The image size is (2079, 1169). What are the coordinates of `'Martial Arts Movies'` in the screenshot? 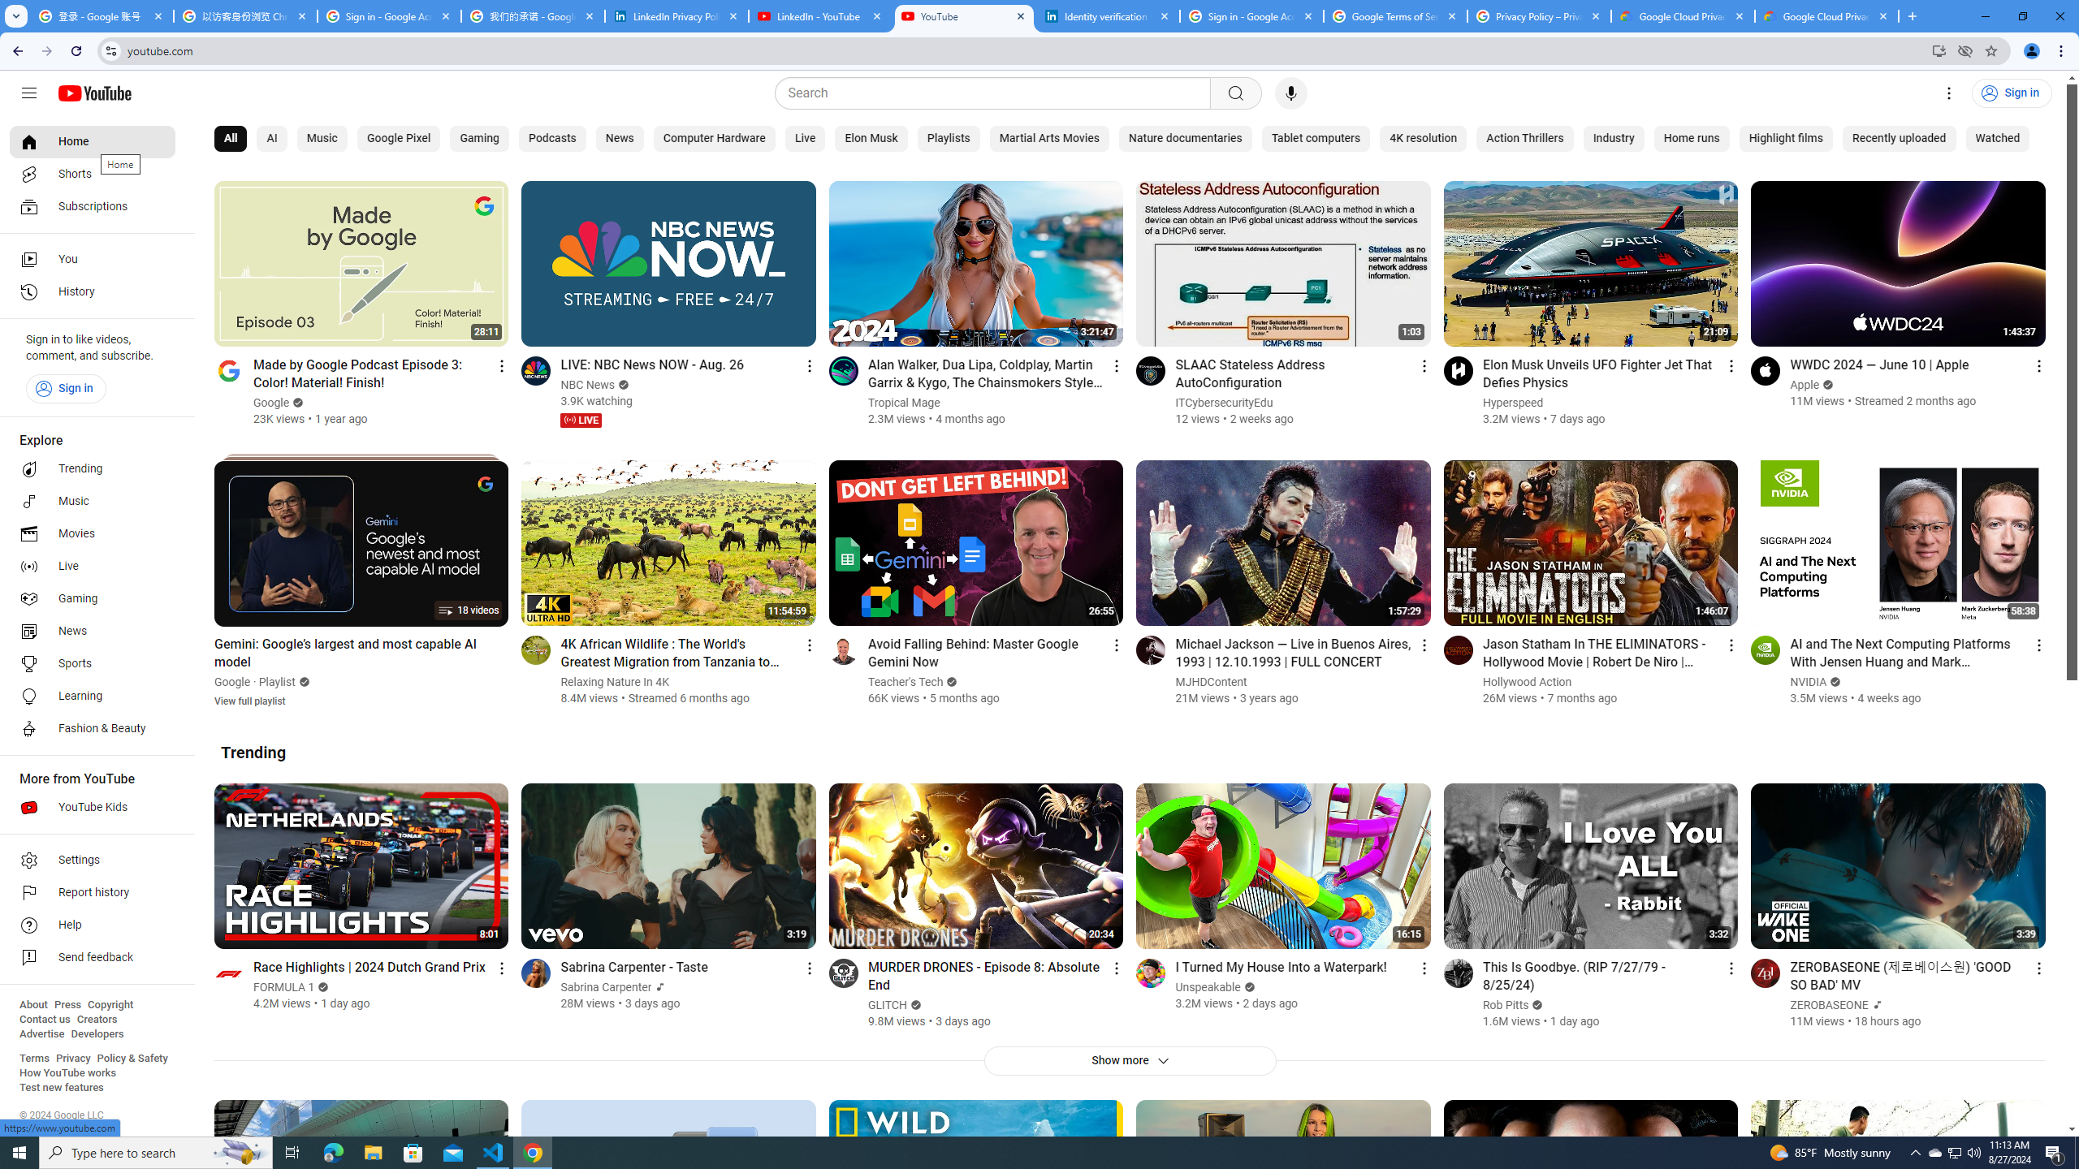 It's located at (1049, 139).